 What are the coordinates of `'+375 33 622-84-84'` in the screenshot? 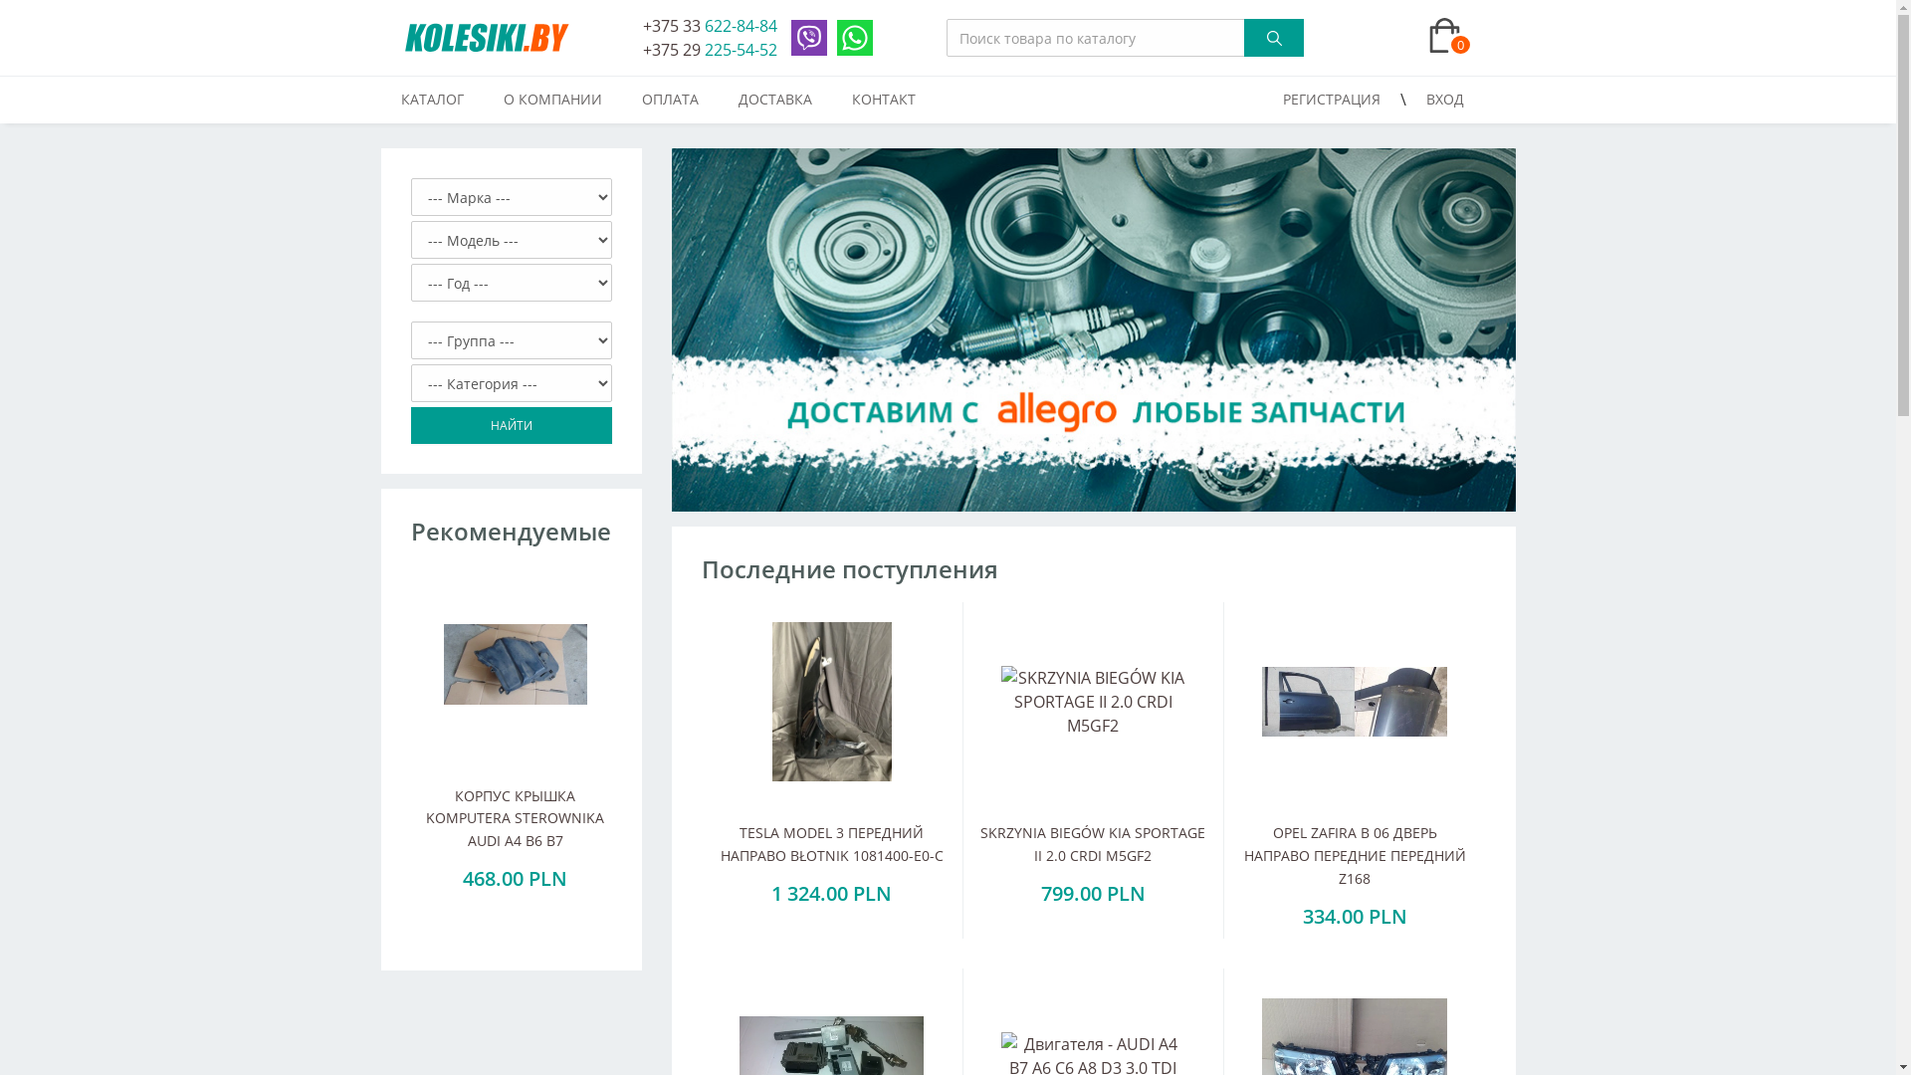 It's located at (643, 26).